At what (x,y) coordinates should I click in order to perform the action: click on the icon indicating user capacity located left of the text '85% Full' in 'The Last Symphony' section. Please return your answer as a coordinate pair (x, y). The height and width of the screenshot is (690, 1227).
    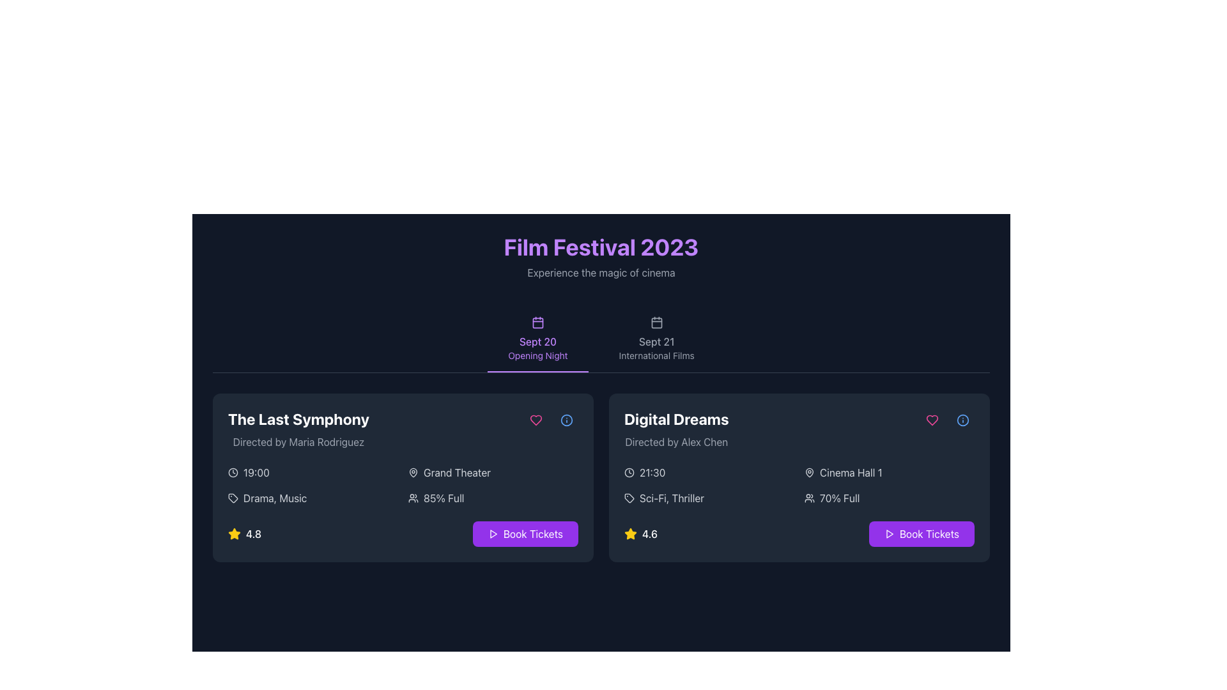
    Looking at the image, I should click on (413, 497).